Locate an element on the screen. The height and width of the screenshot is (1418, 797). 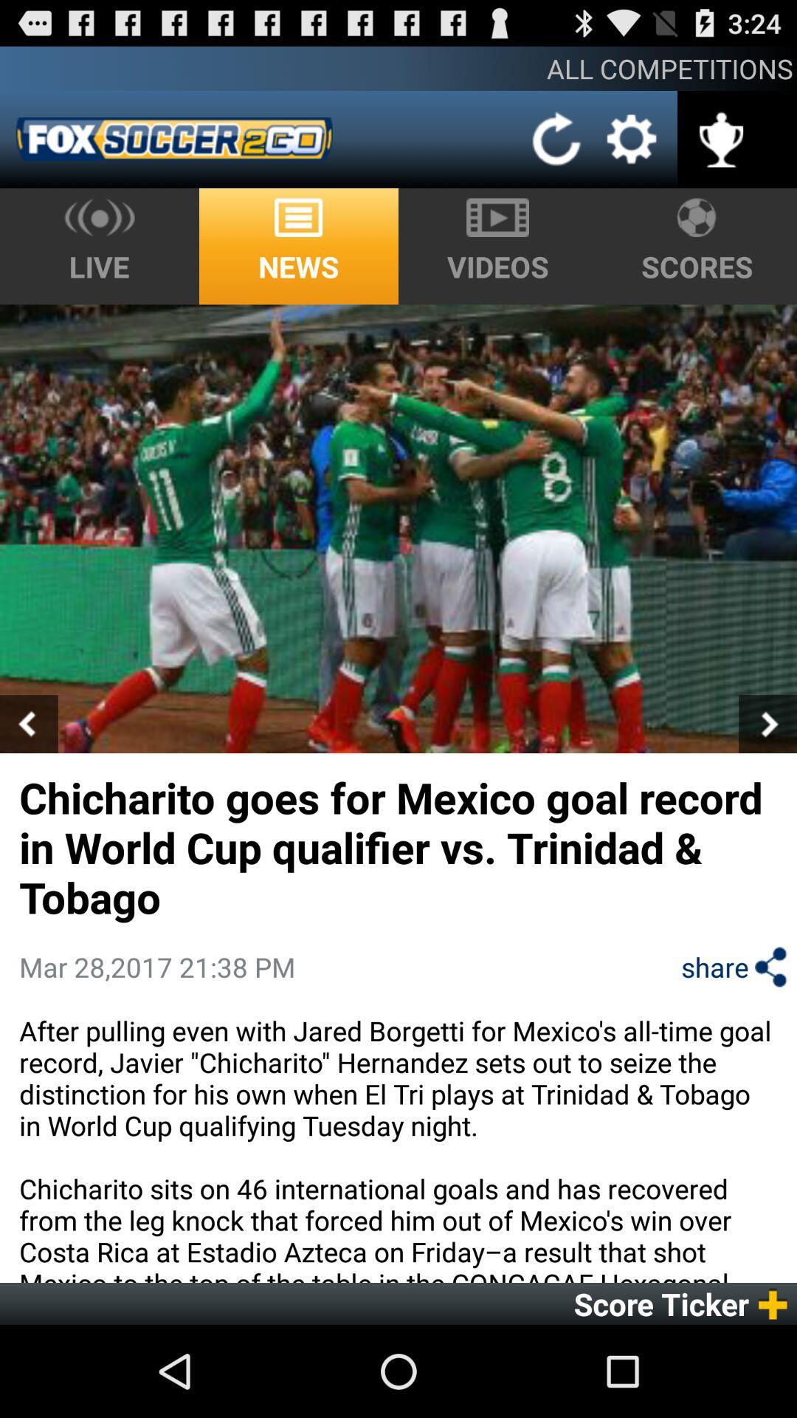
the arrow_forward icon is located at coordinates (767, 774).